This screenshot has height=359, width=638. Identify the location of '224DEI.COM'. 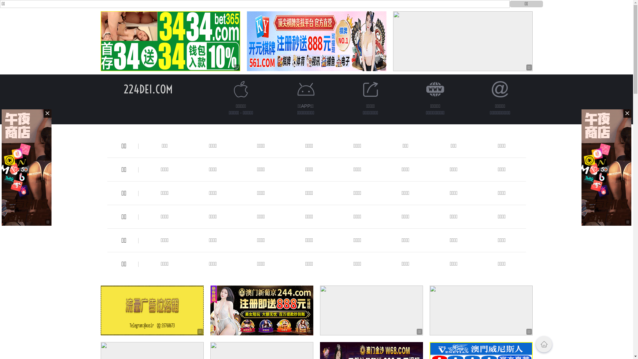
(148, 89).